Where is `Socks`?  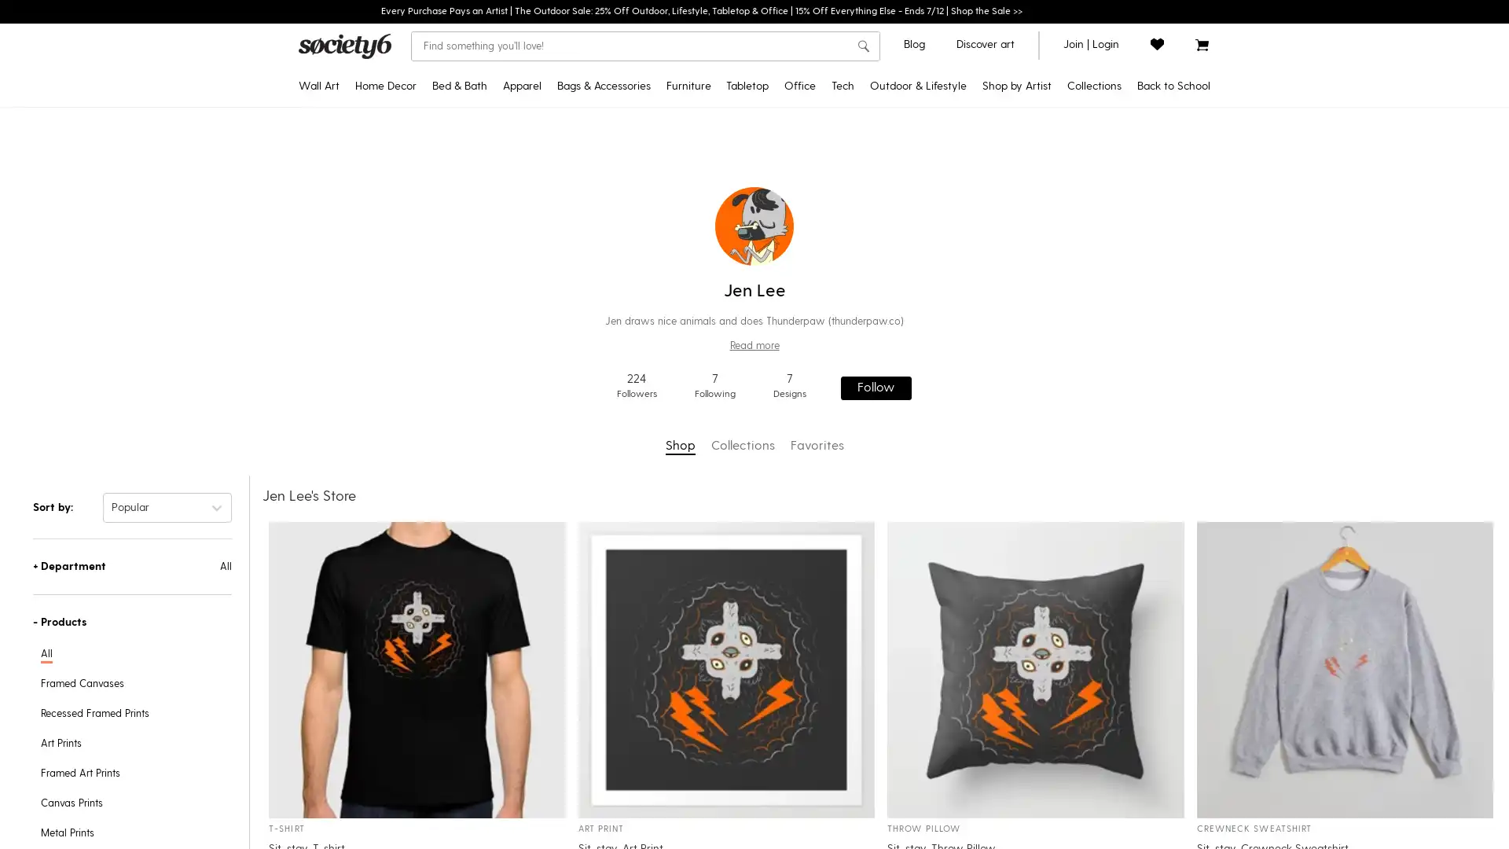
Socks is located at coordinates (614, 227).